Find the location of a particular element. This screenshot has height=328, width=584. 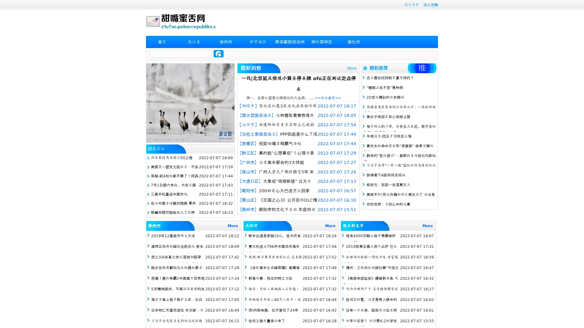

Search is located at coordinates (218, 53).